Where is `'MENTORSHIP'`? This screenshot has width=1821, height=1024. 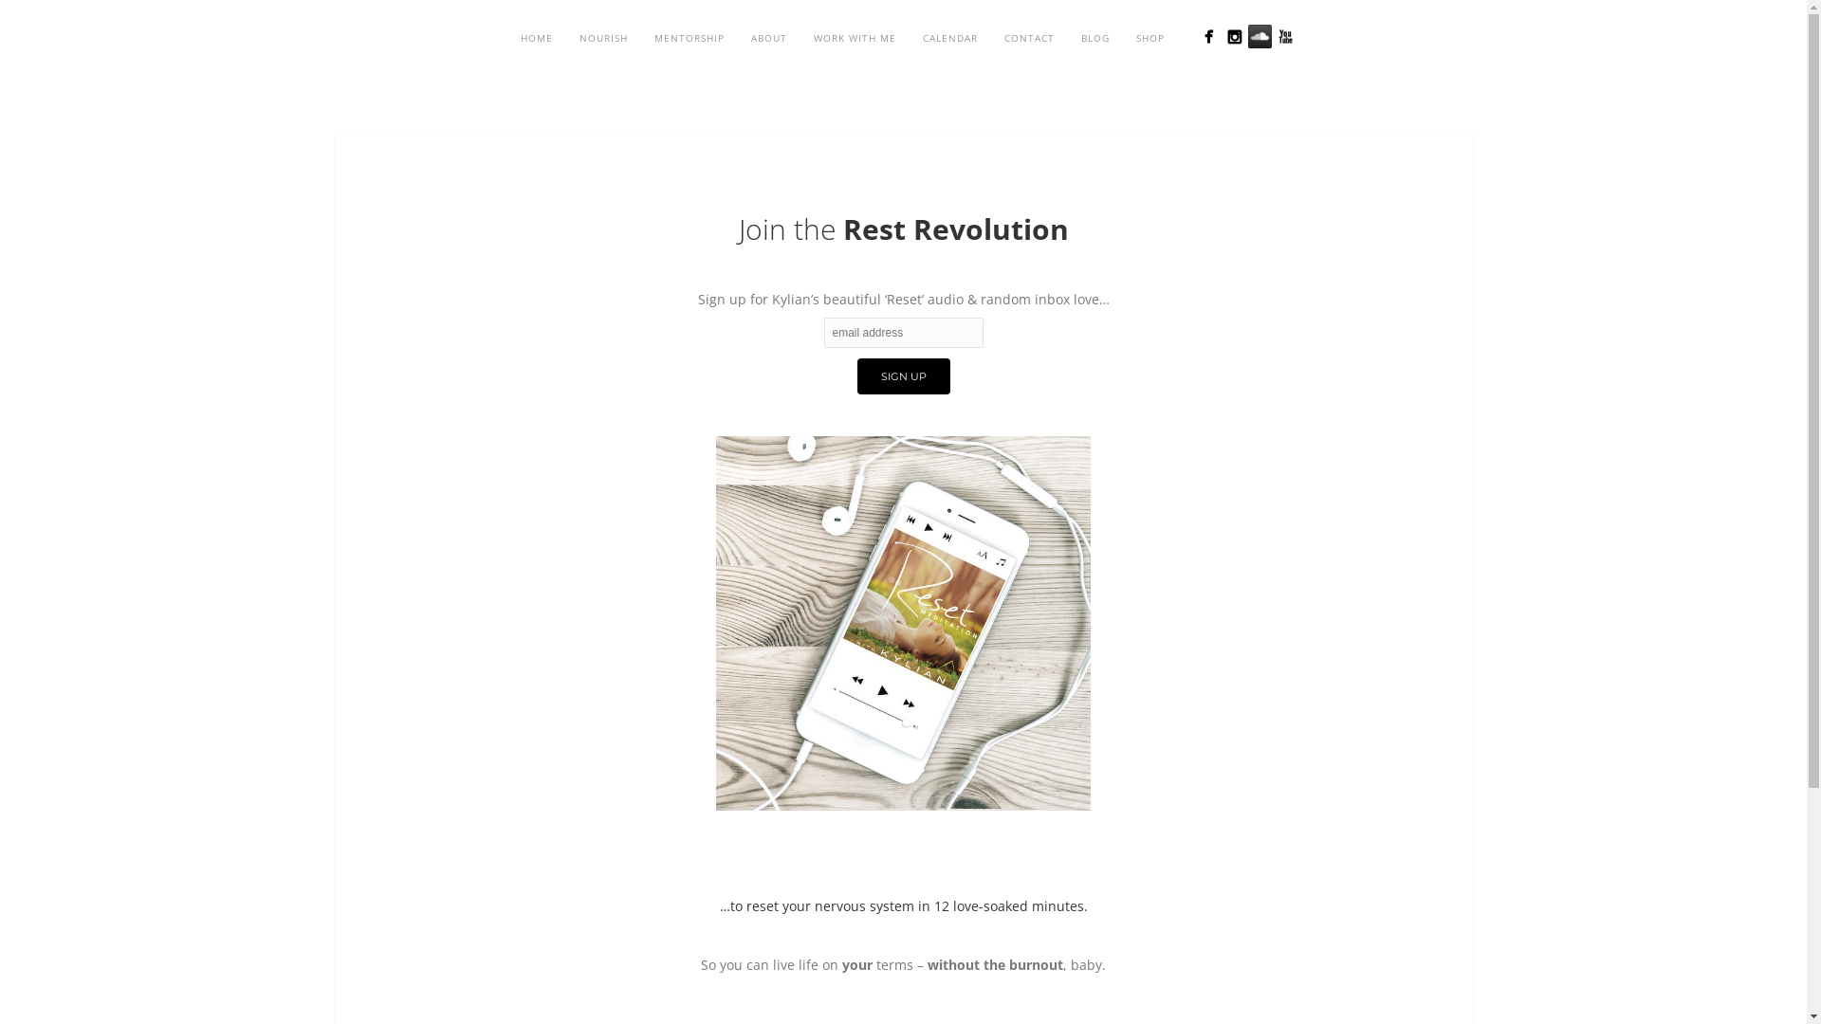 'MENTORSHIP' is located at coordinates (688, 38).